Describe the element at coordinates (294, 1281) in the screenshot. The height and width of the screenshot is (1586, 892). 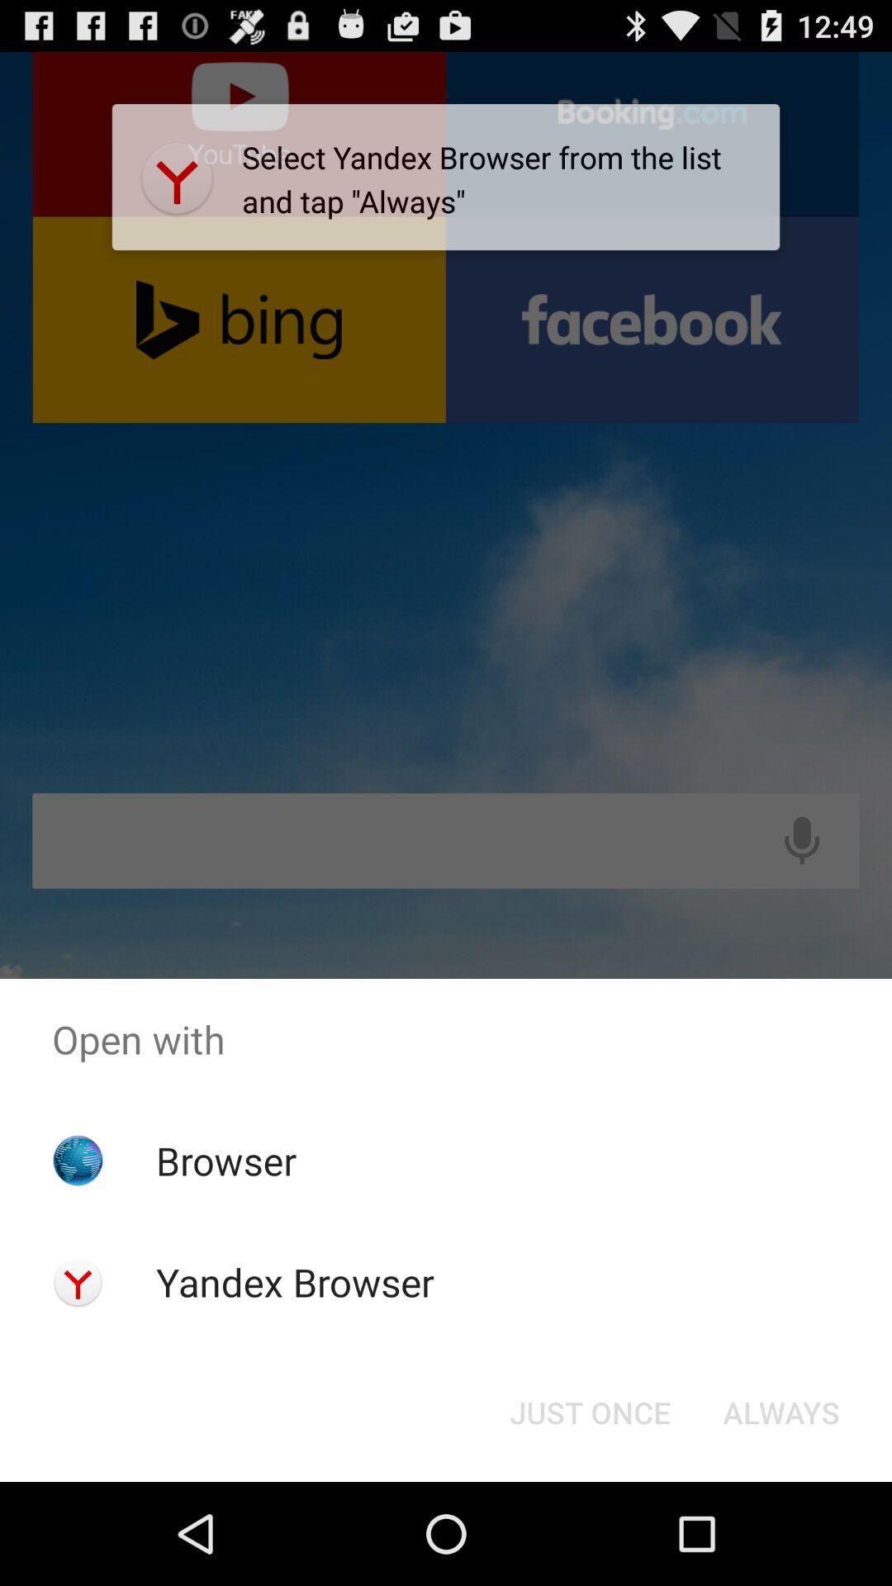
I see `the yandex browser app` at that location.